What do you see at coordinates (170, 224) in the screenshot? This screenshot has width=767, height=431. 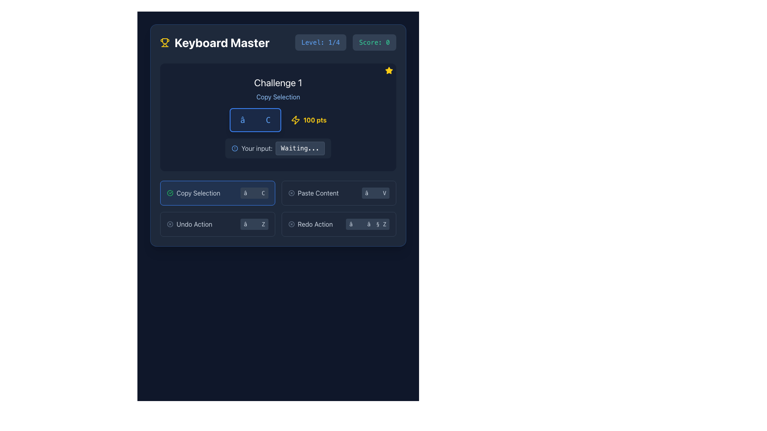 I see `the outer ring of the circular icon located in the top-right area of the interface near the header labeled 'Keyboard Master'` at bounding box center [170, 224].